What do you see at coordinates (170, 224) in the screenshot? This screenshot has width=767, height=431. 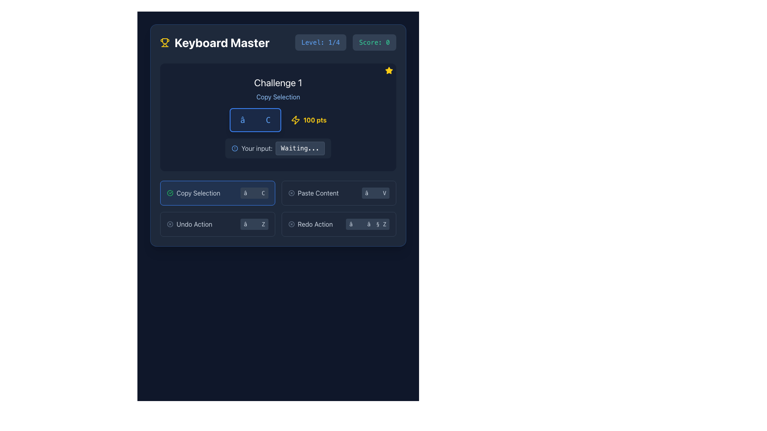 I see `the outer ring of the circular icon located in the top-right area of the interface near the header labeled 'Keyboard Master'` at bounding box center [170, 224].